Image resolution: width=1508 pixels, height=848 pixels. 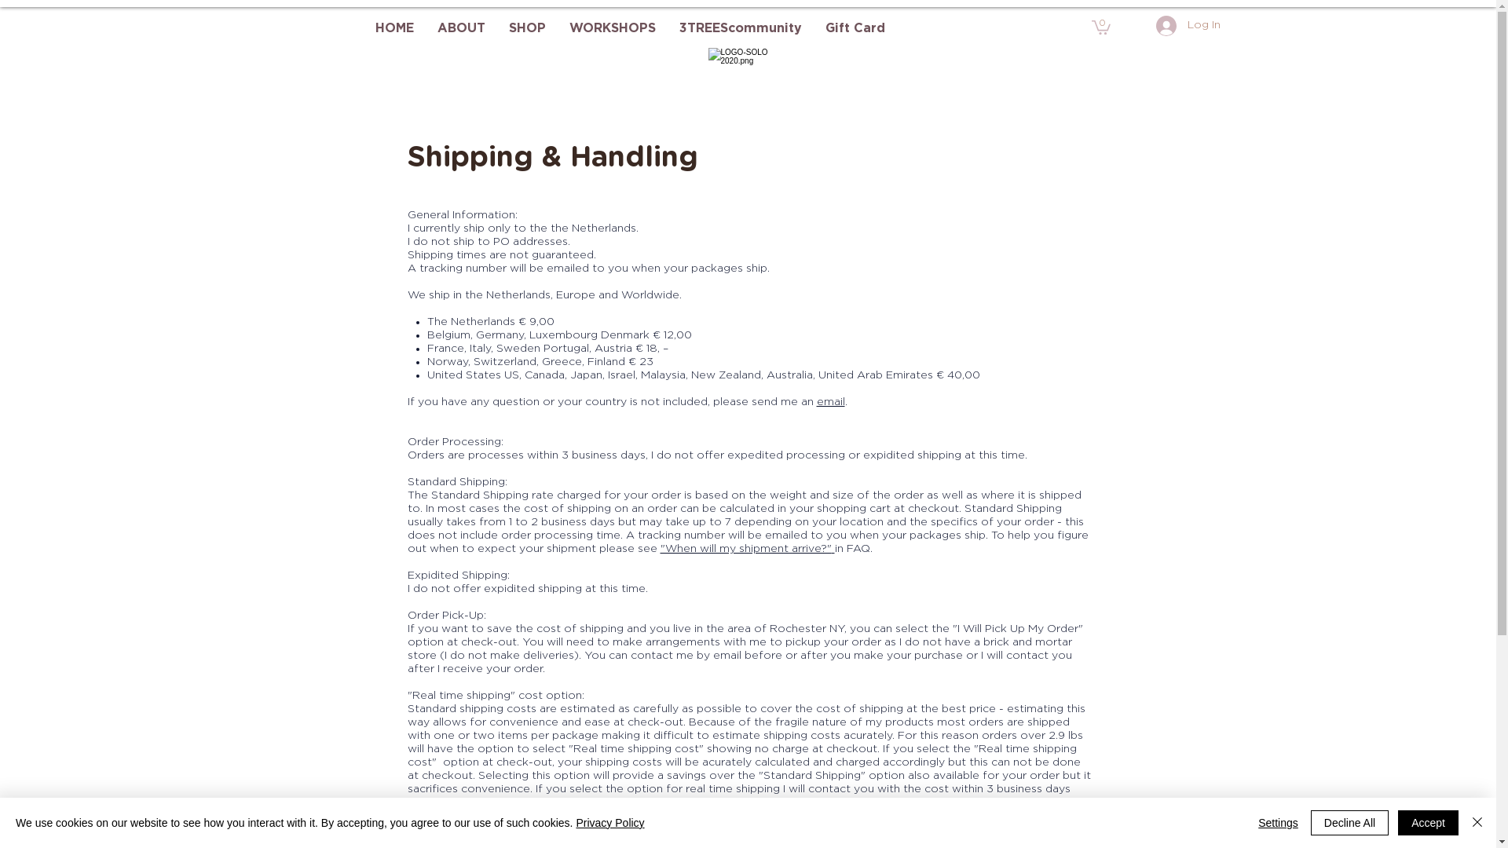 What do you see at coordinates (739, 27) in the screenshot?
I see `'3TREEScommunity'` at bounding box center [739, 27].